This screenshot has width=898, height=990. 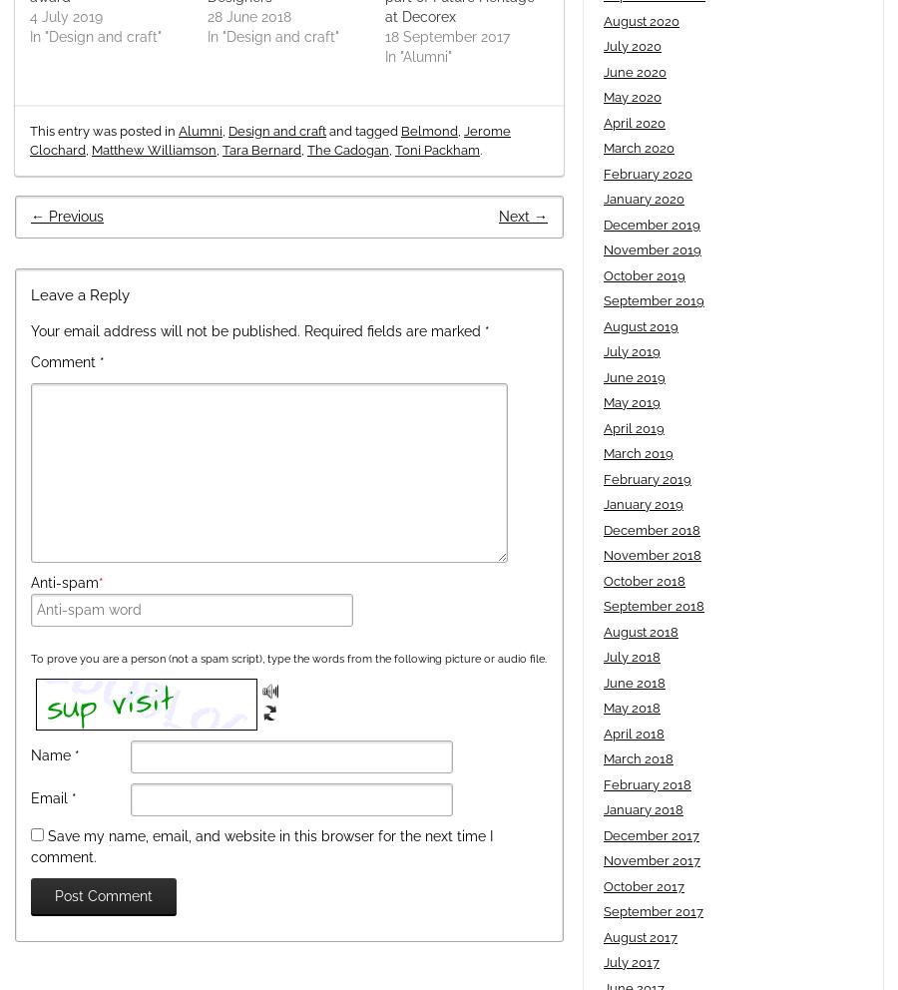 I want to click on 'April 2020', so click(x=635, y=121).